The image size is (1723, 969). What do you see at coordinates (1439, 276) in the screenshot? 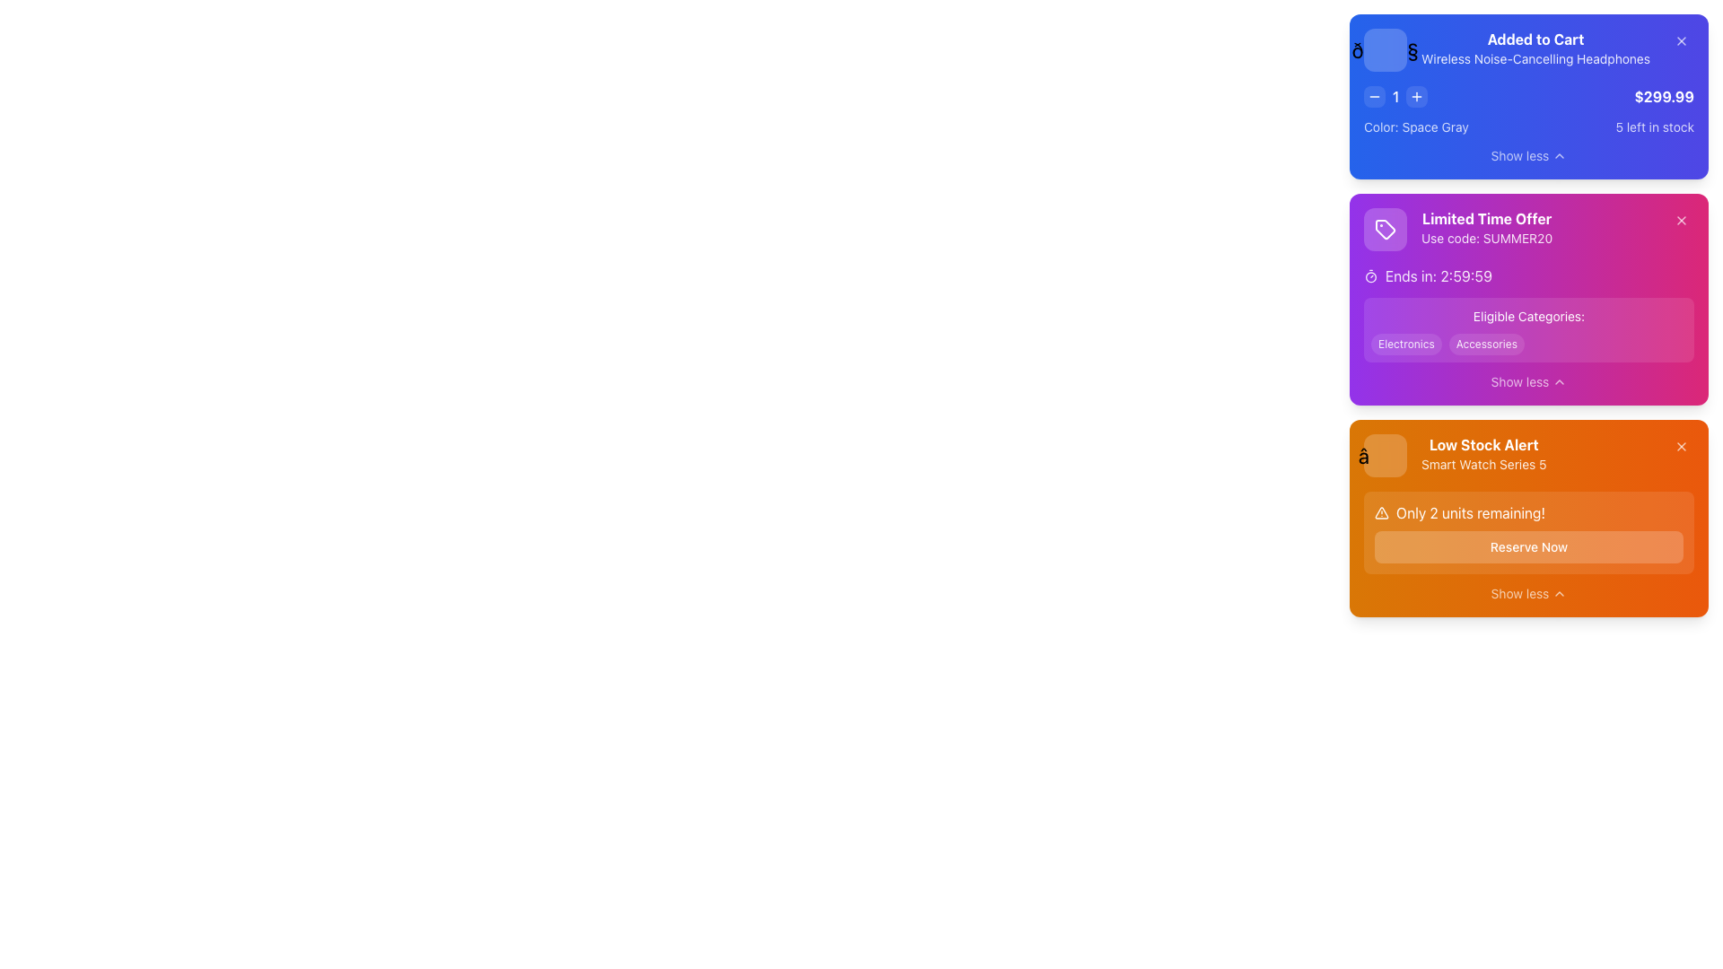
I see `the text label indicating the remaining time for the limited-time offer, which is located on the second card from the top in a right-aligned stack of cards` at bounding box center [1439, 276].